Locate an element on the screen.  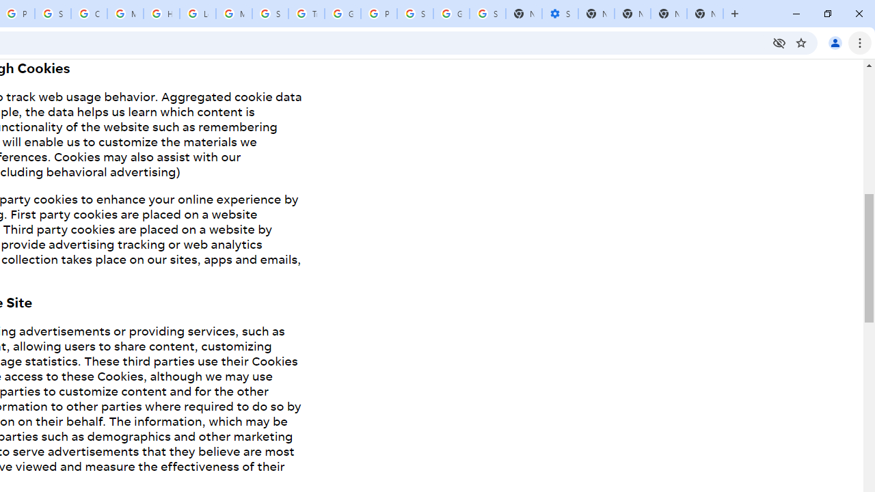
'Trusted Information and Content - Google Safety Center' is located at coordinates (306, 14).